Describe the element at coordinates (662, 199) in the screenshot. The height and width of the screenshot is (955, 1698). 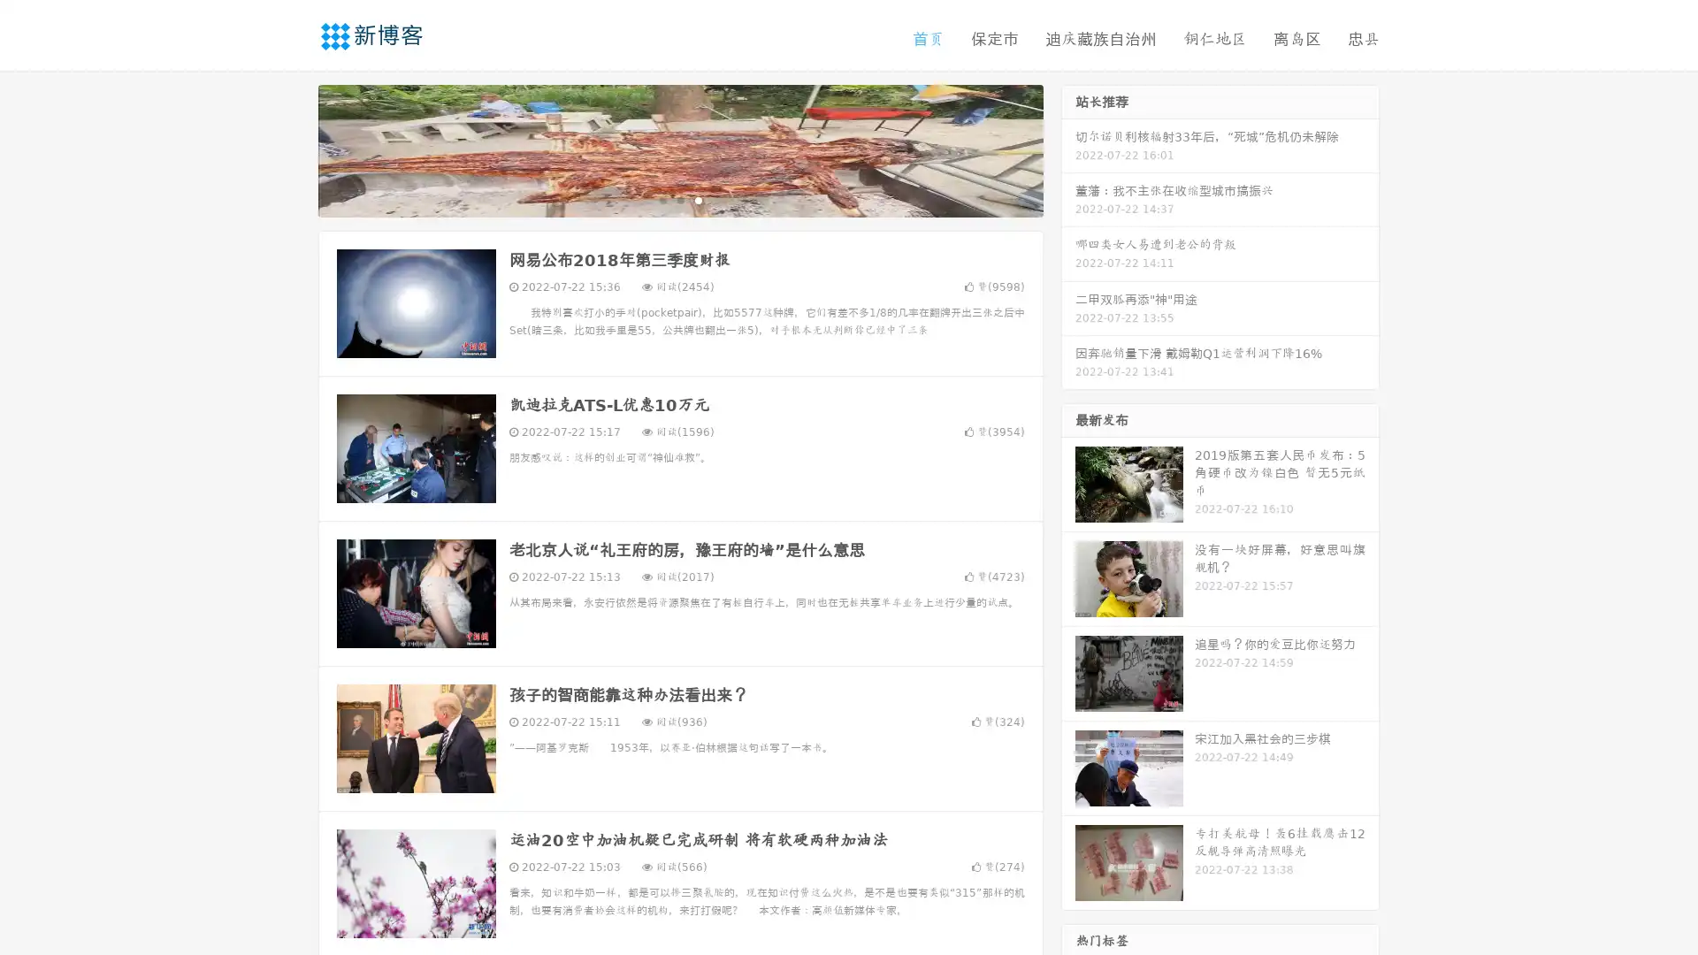
I see `Go to slide 1` at that location.